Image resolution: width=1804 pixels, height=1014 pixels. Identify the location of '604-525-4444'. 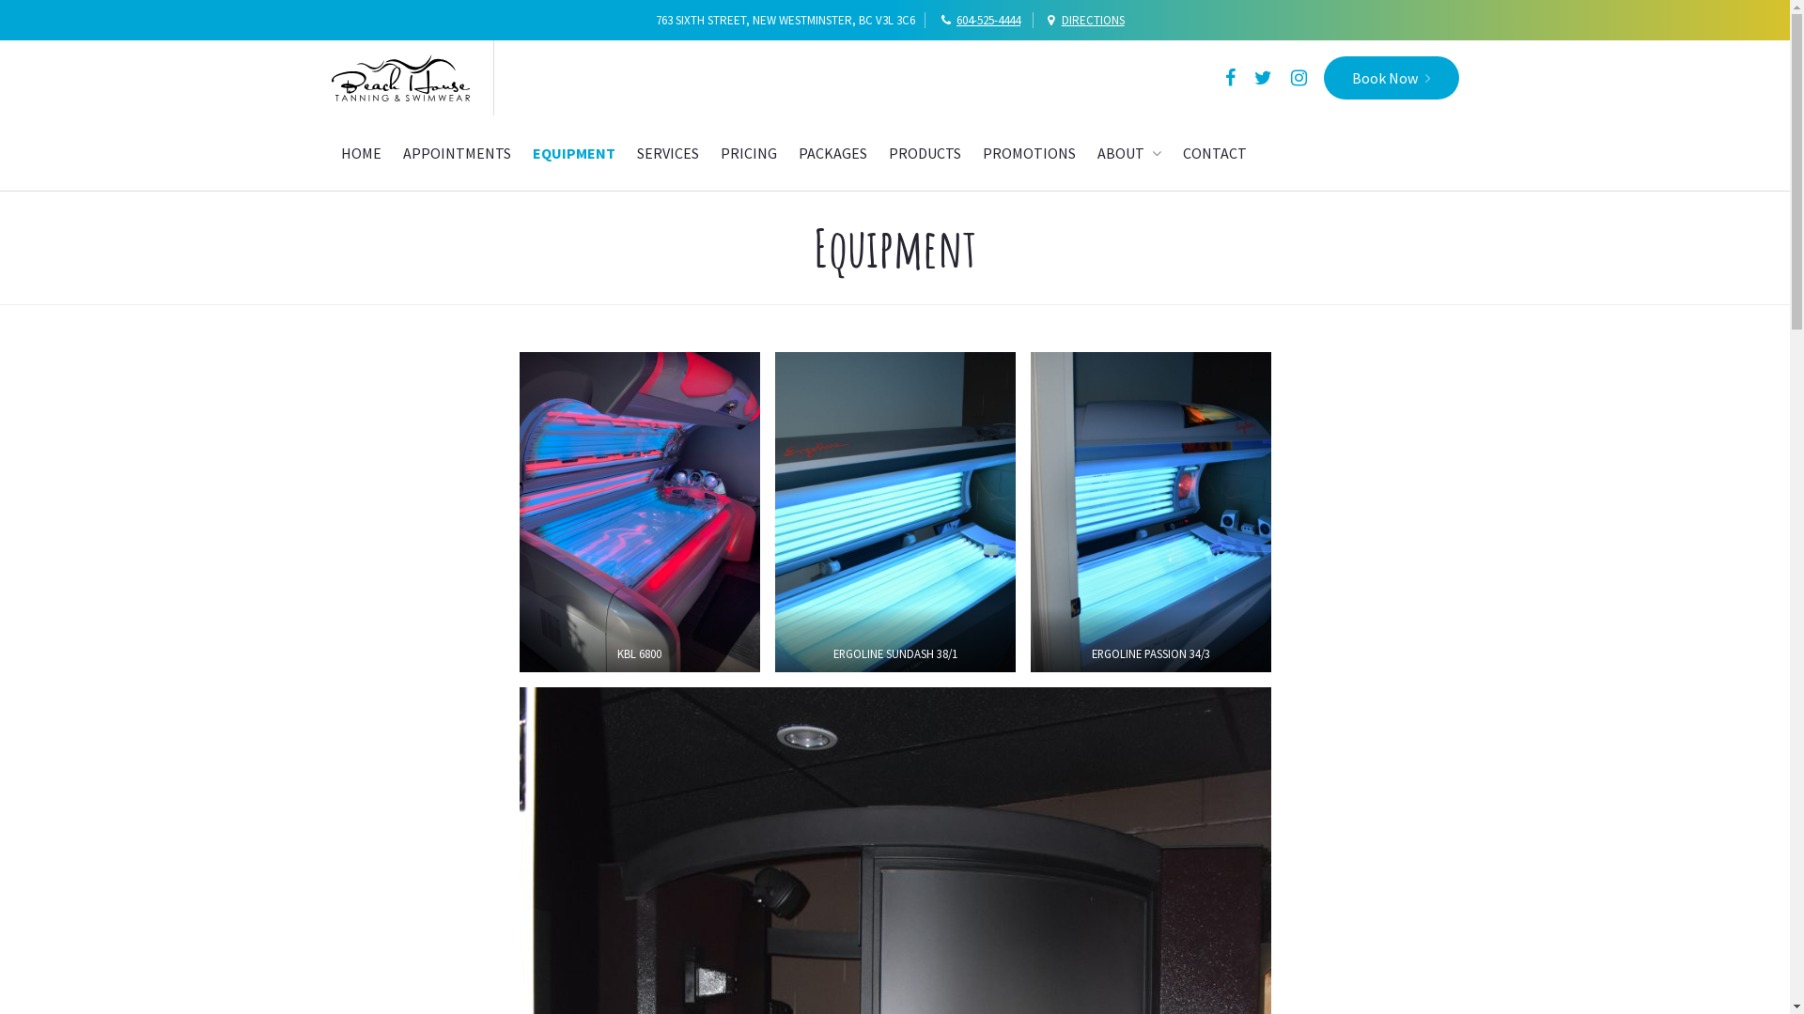
(987, 20).